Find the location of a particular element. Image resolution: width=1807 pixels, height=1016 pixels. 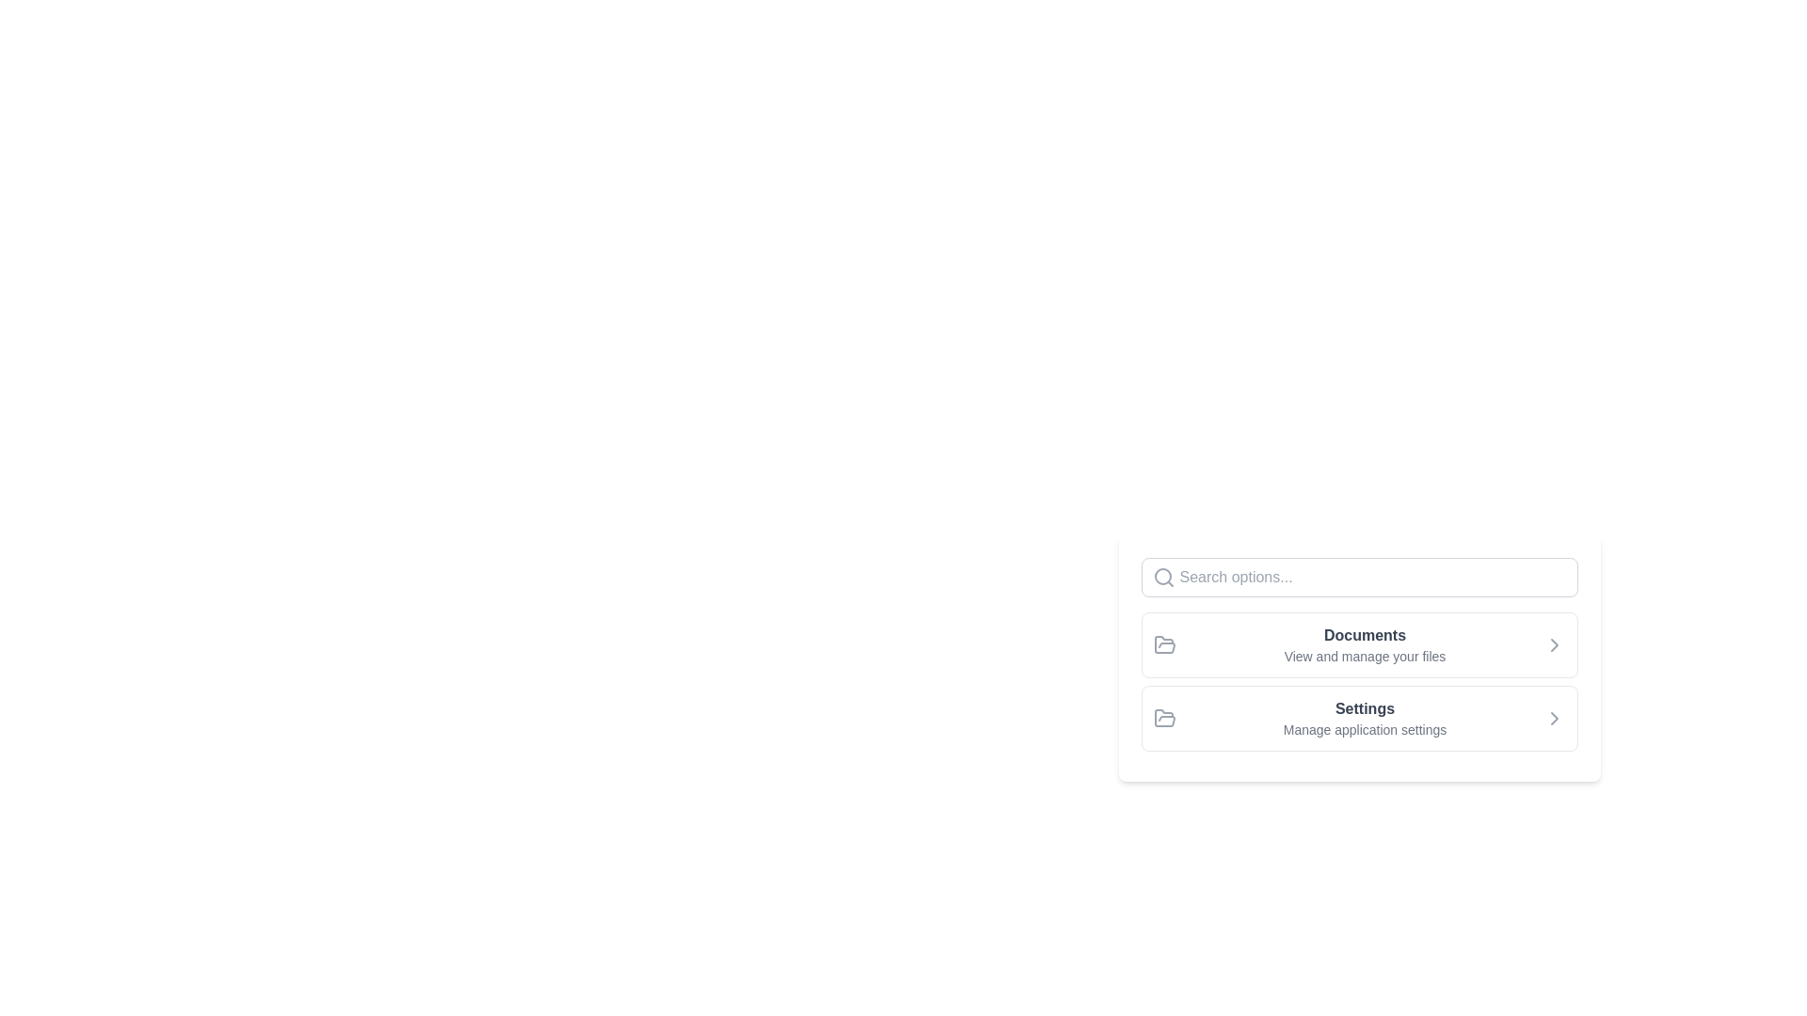

the 'Documents' button, which is the first option in the vertical list, featuring a folder icon and a chevron-right icon on the right is located at coordinates (1359, 644).